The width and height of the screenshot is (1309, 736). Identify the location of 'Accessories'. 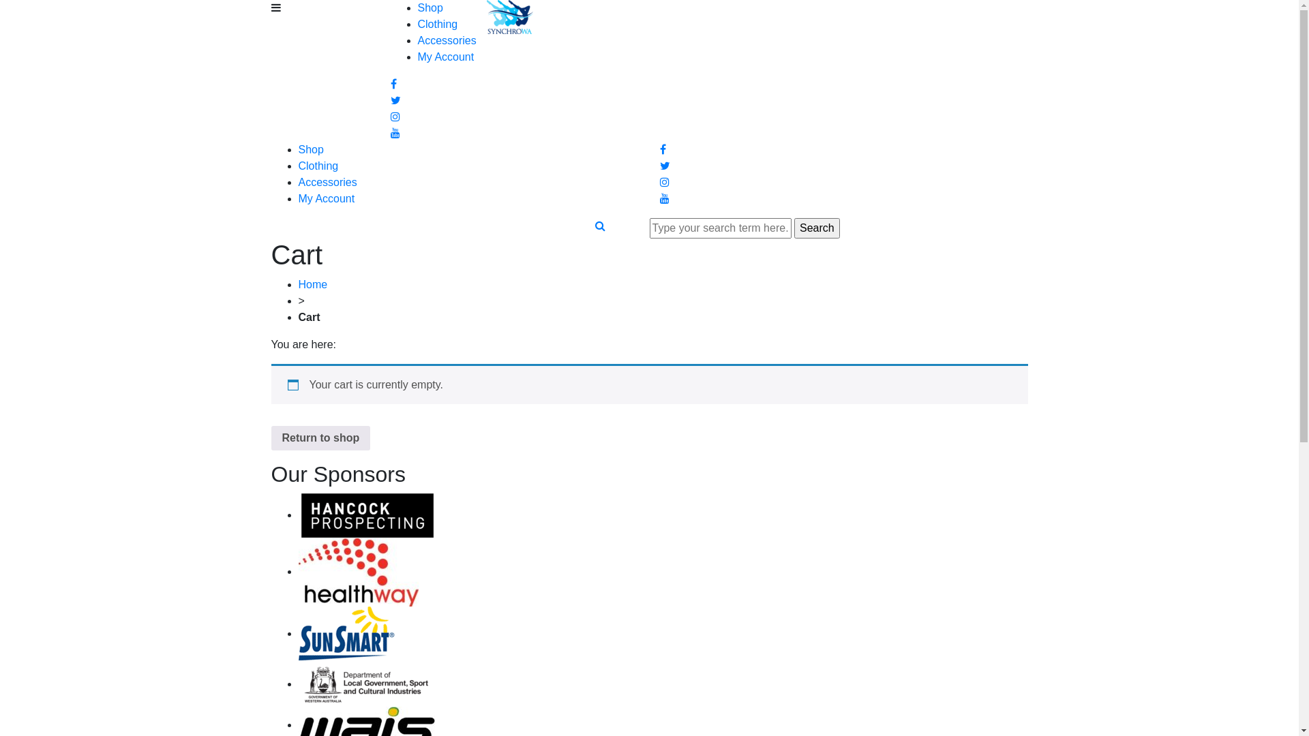
(327, 181).